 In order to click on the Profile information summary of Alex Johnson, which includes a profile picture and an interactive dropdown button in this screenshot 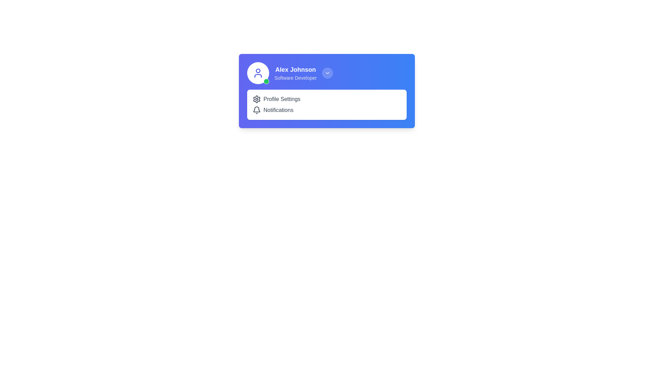, I will do `click(326, 73)`.